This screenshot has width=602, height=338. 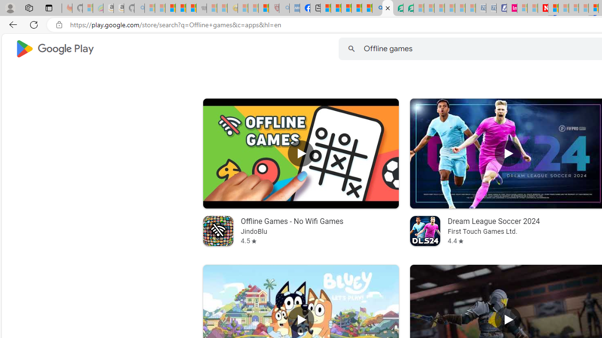 What do you see at coordinates (201, 8) in the screenshot?
I see `'Combat Siege'` at bounding box center [201, 8].